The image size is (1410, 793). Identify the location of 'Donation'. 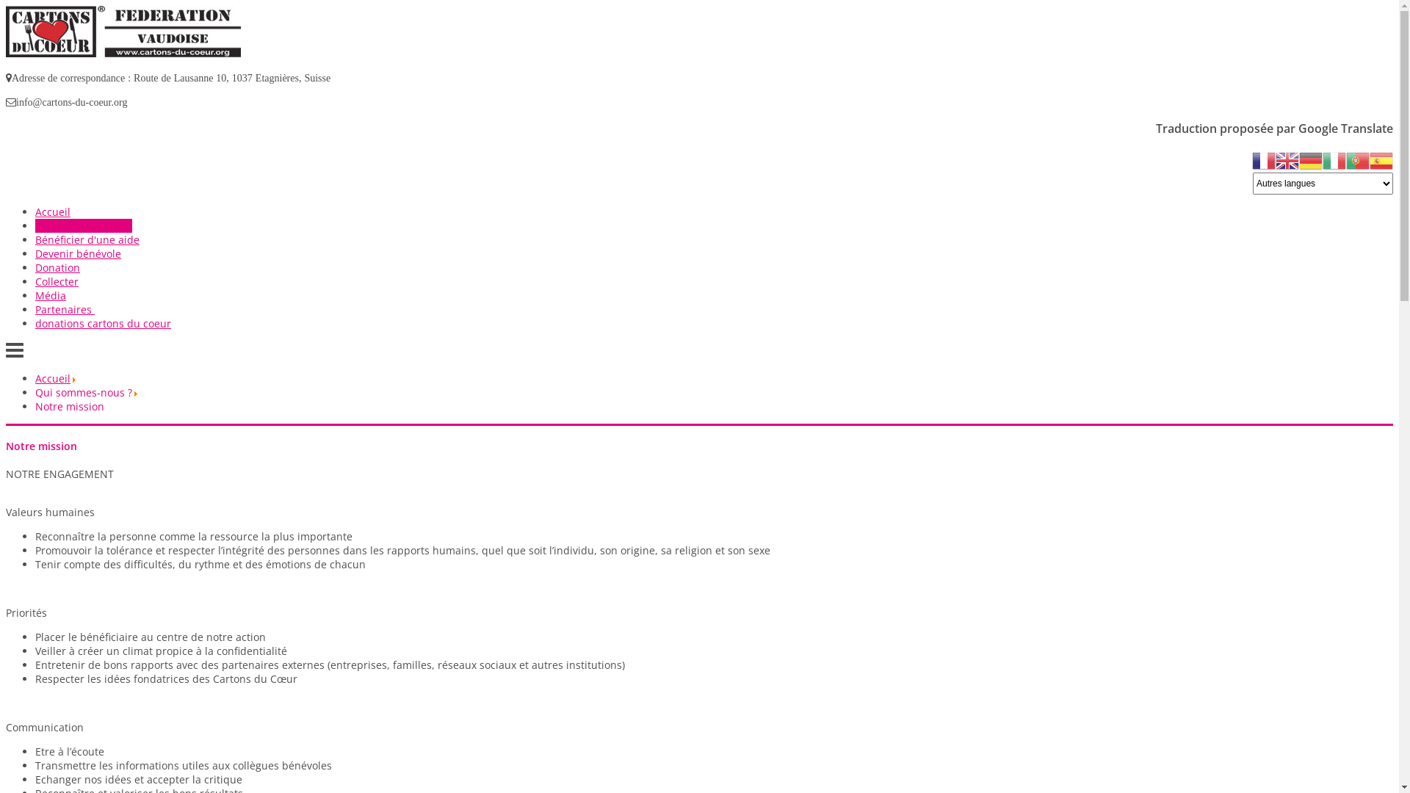
(35, 267).